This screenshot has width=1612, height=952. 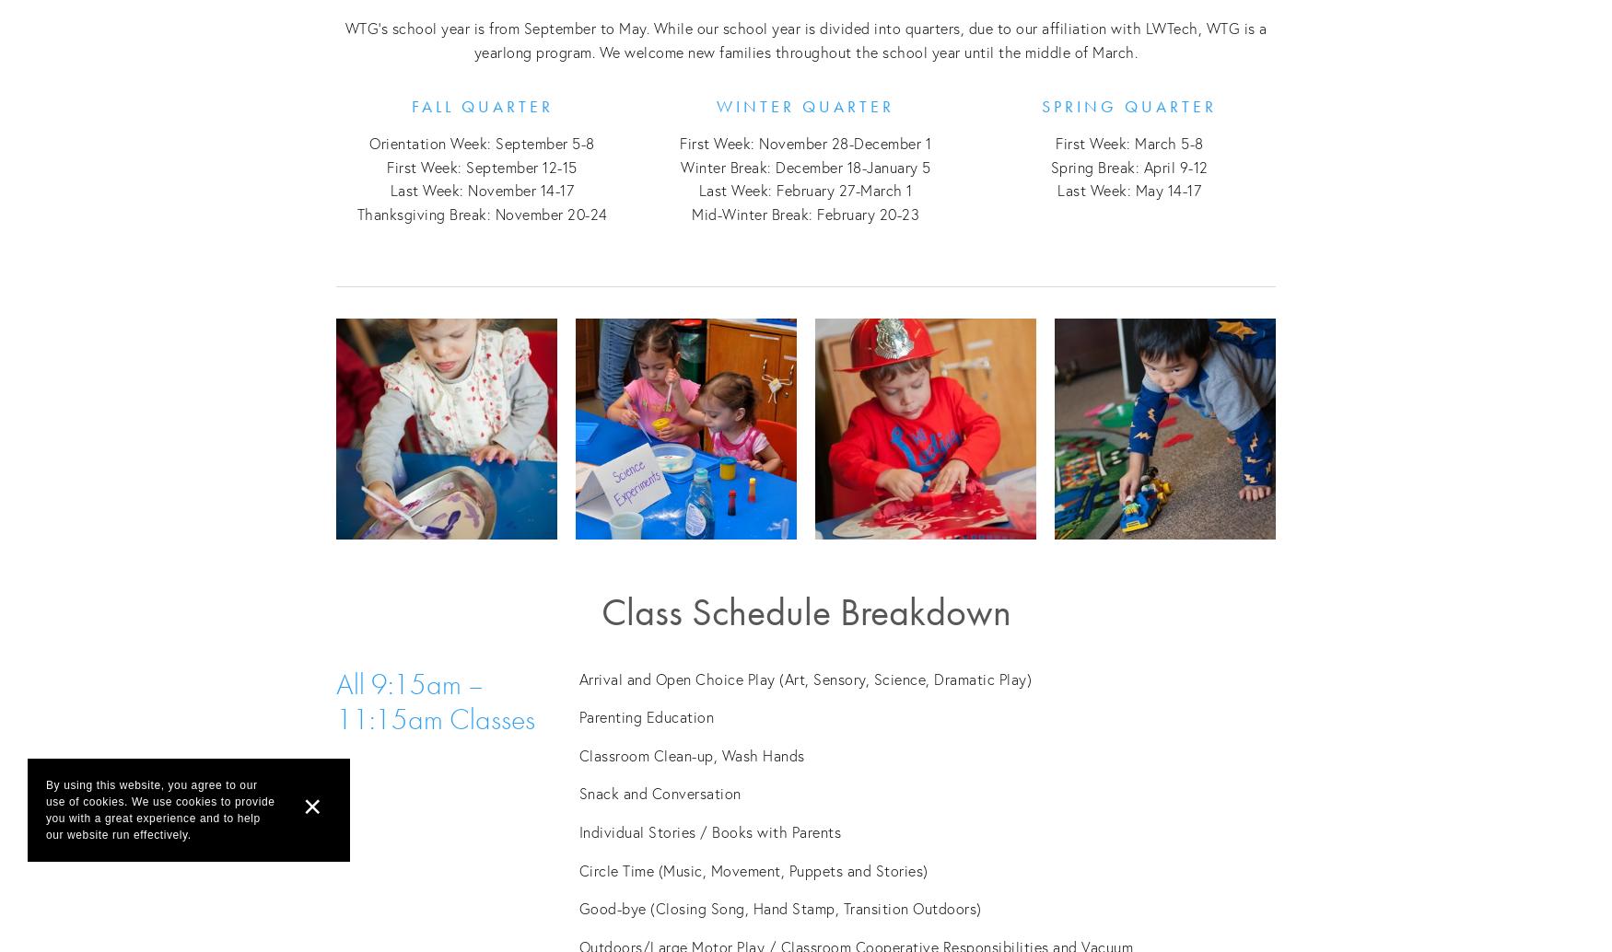 I want to click on 'Fall Quarter', so click(x=481, y=105).